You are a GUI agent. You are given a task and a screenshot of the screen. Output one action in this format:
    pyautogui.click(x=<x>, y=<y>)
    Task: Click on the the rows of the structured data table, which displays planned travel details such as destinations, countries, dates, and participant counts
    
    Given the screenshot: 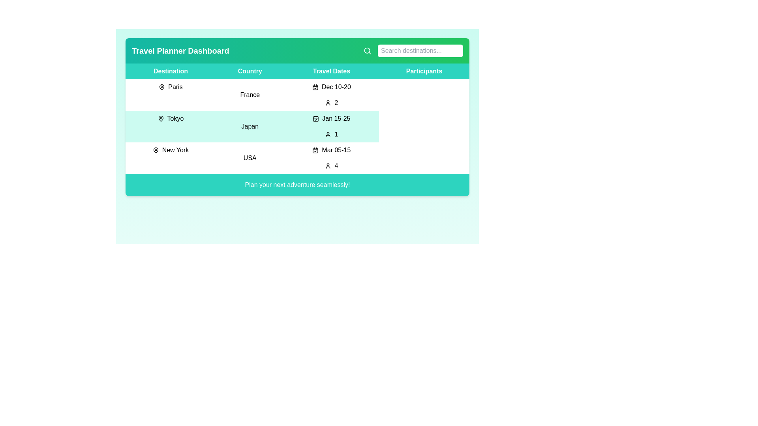 What is the action you would take?
    pyautogui.click(x=297, y=118)
    